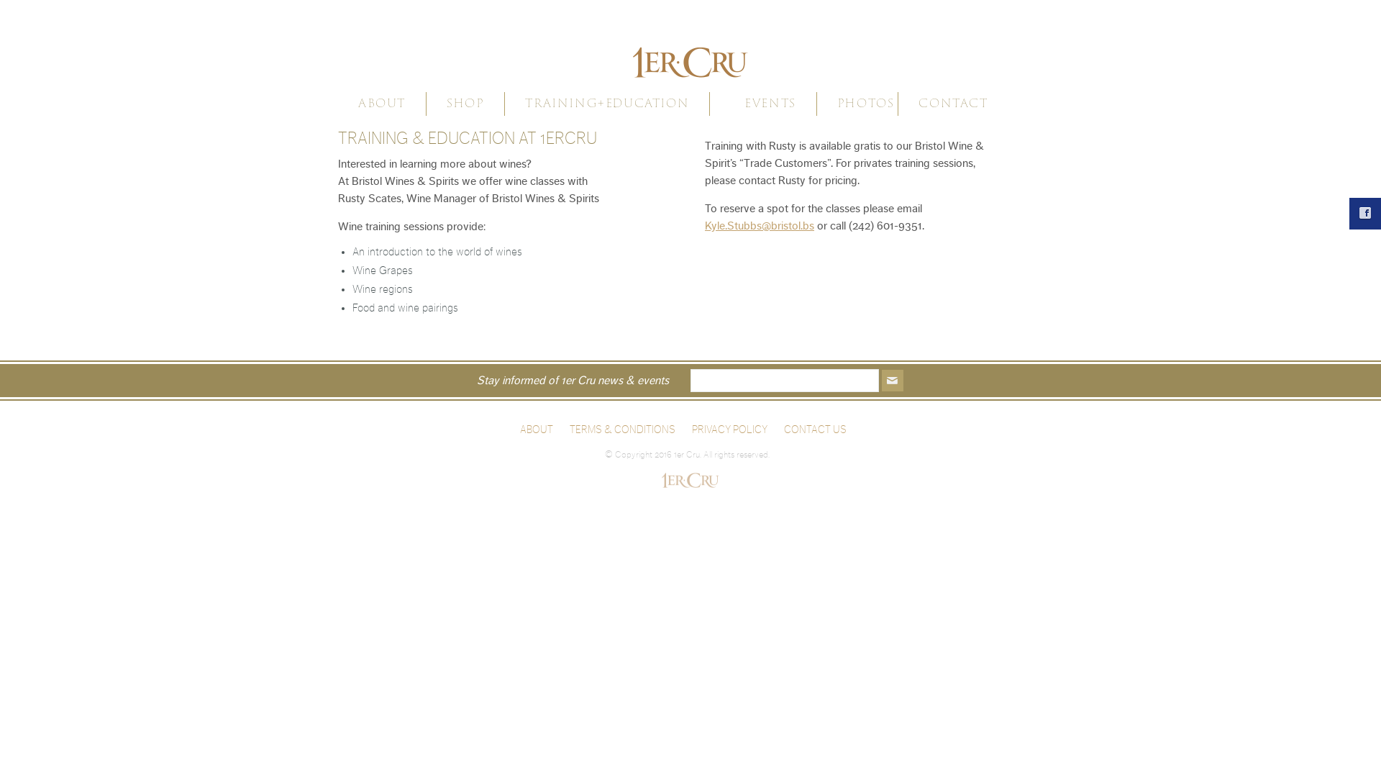  Describe the element at coordinates (865, 102) in the screenshot. I see `'PHOTOS'` at that location.